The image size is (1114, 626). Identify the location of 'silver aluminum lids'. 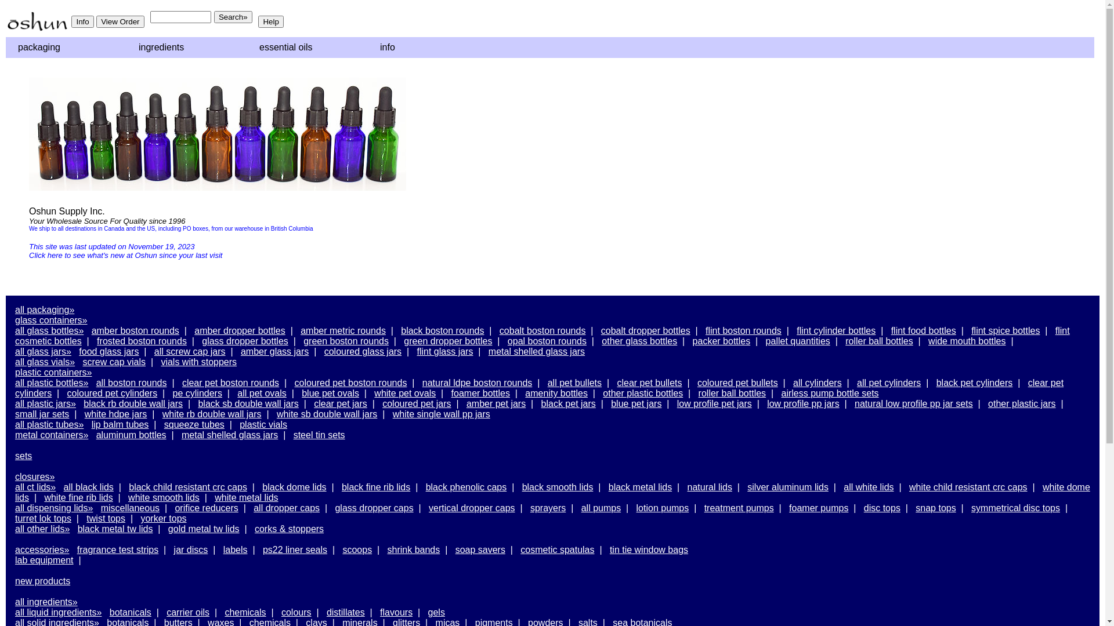
(788, 487).